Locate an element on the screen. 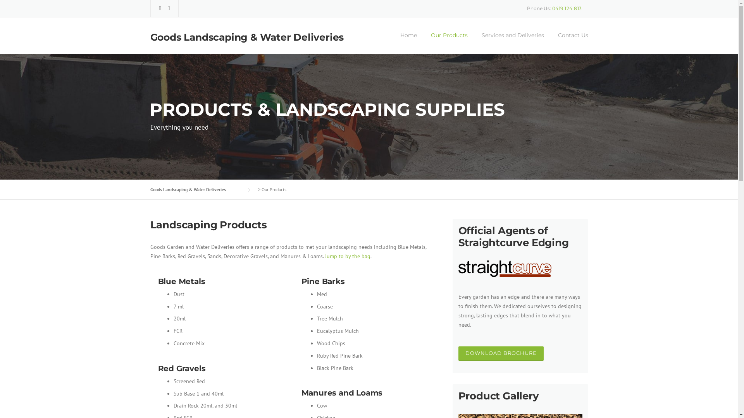 Image resolution: width=744 pixels, height=418 pixels. 'Contact Us' is located at coordinates (550, 42).